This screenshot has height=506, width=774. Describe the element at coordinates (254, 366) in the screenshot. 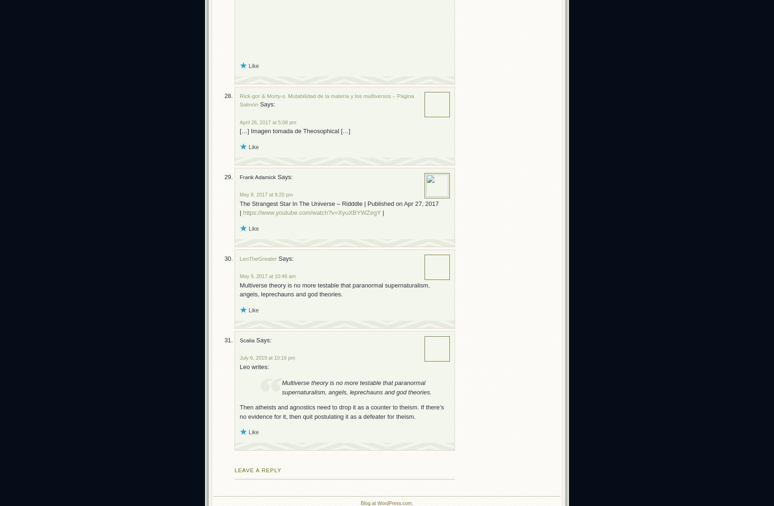

I see `'Leo writes:'` at that location.